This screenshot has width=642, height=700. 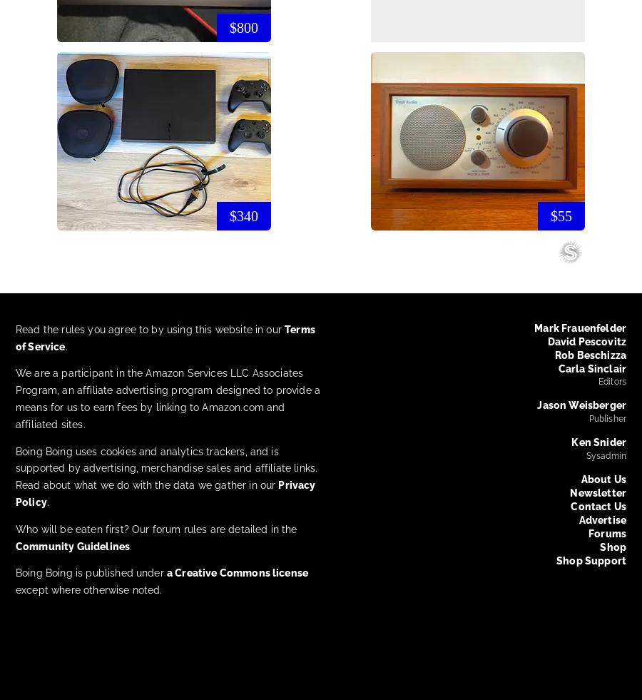 I want to click on 'Shop Support', so click(x=591, y=559).